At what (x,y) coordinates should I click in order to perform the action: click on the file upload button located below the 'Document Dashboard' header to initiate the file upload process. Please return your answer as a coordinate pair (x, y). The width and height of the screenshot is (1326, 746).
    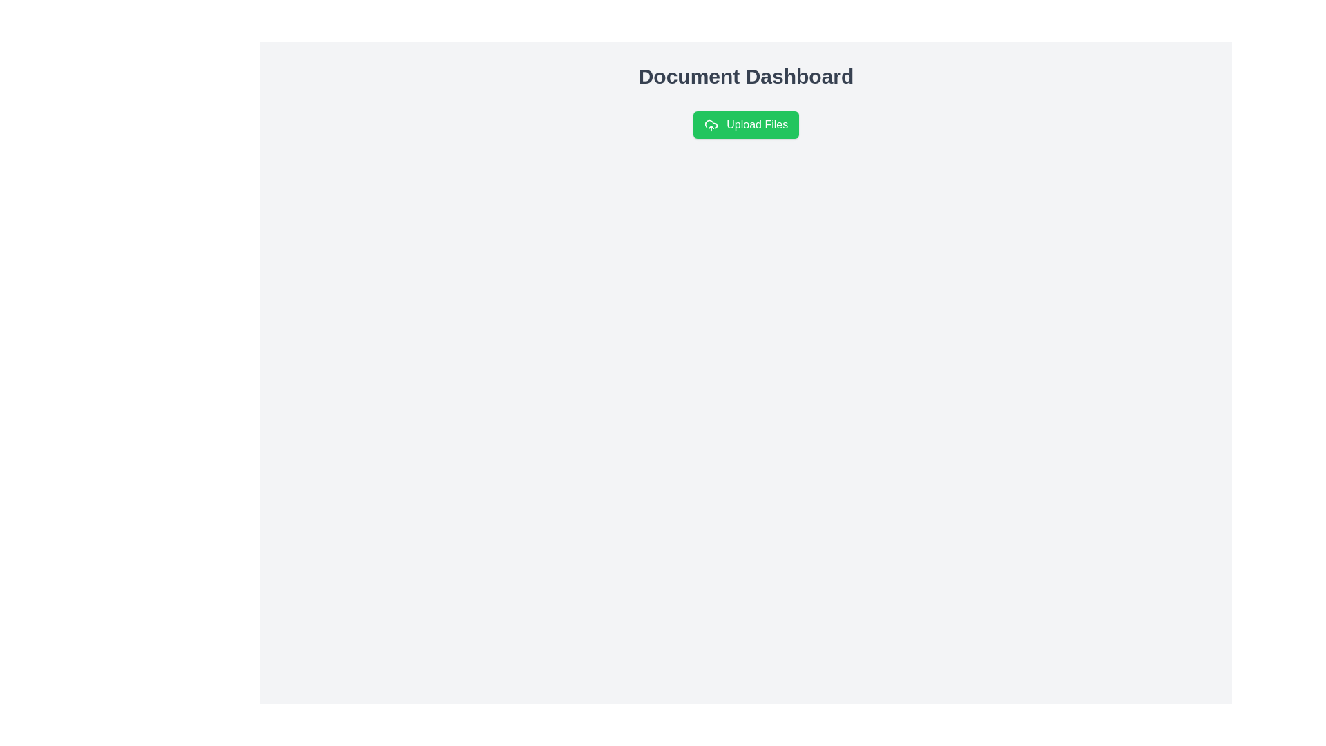
    Looking at the image, I should click on (745, 125).